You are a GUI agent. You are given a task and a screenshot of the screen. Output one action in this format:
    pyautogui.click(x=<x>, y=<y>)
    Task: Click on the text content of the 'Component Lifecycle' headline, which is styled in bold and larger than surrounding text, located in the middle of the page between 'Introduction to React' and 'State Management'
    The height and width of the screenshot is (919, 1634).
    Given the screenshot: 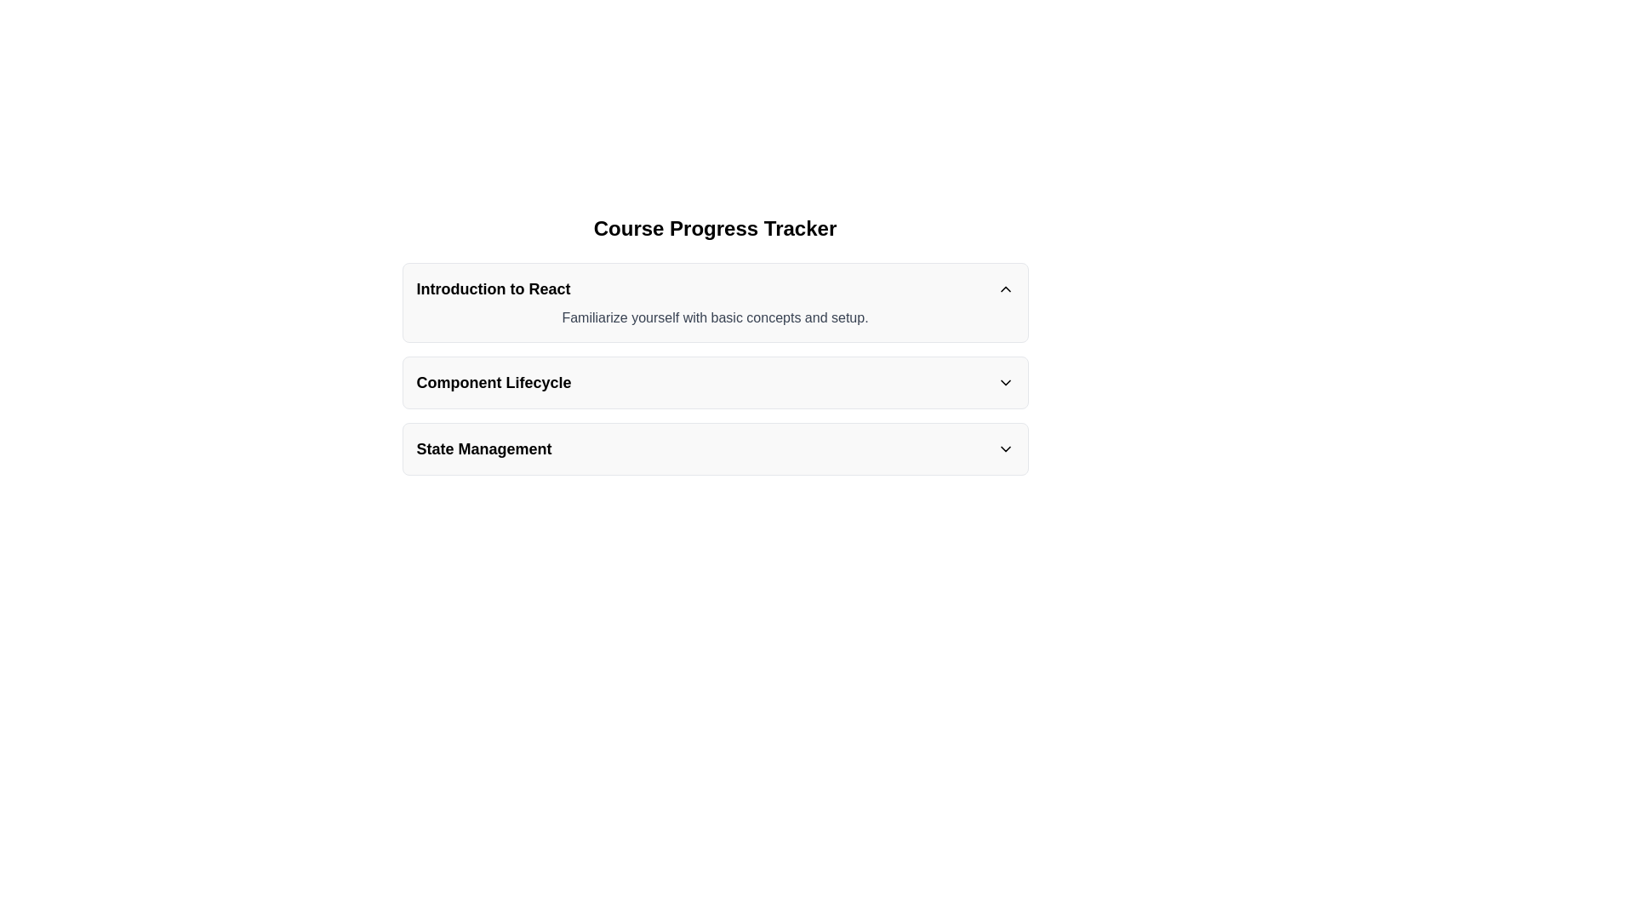 What is the action you would take?
    pyautogui.click(x=493, y=383)
    